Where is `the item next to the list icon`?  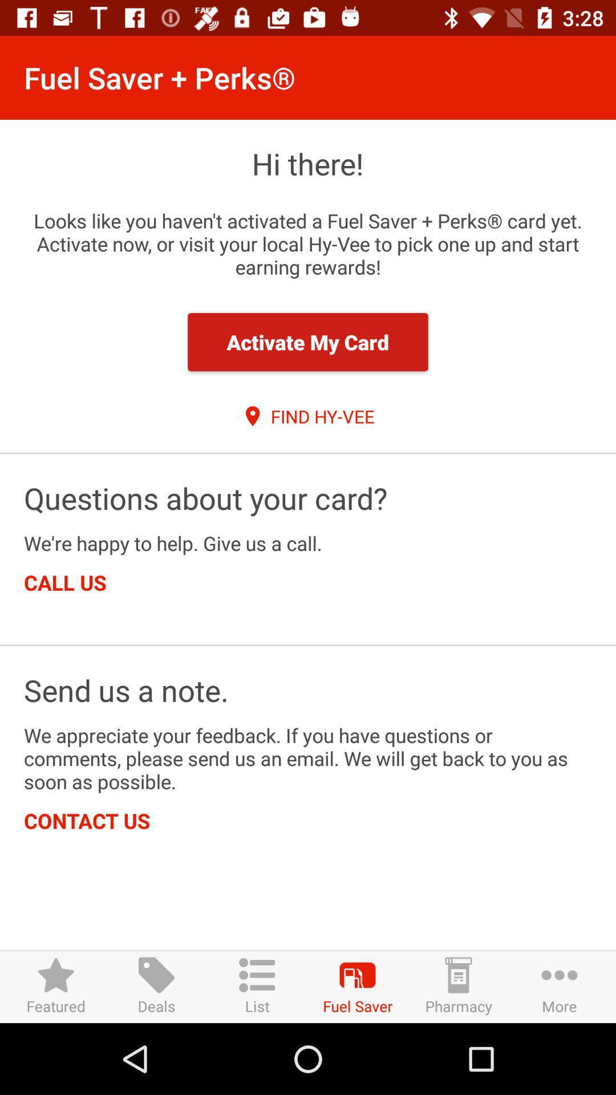
the item next to the list icon is located at coordinates (156, 986).